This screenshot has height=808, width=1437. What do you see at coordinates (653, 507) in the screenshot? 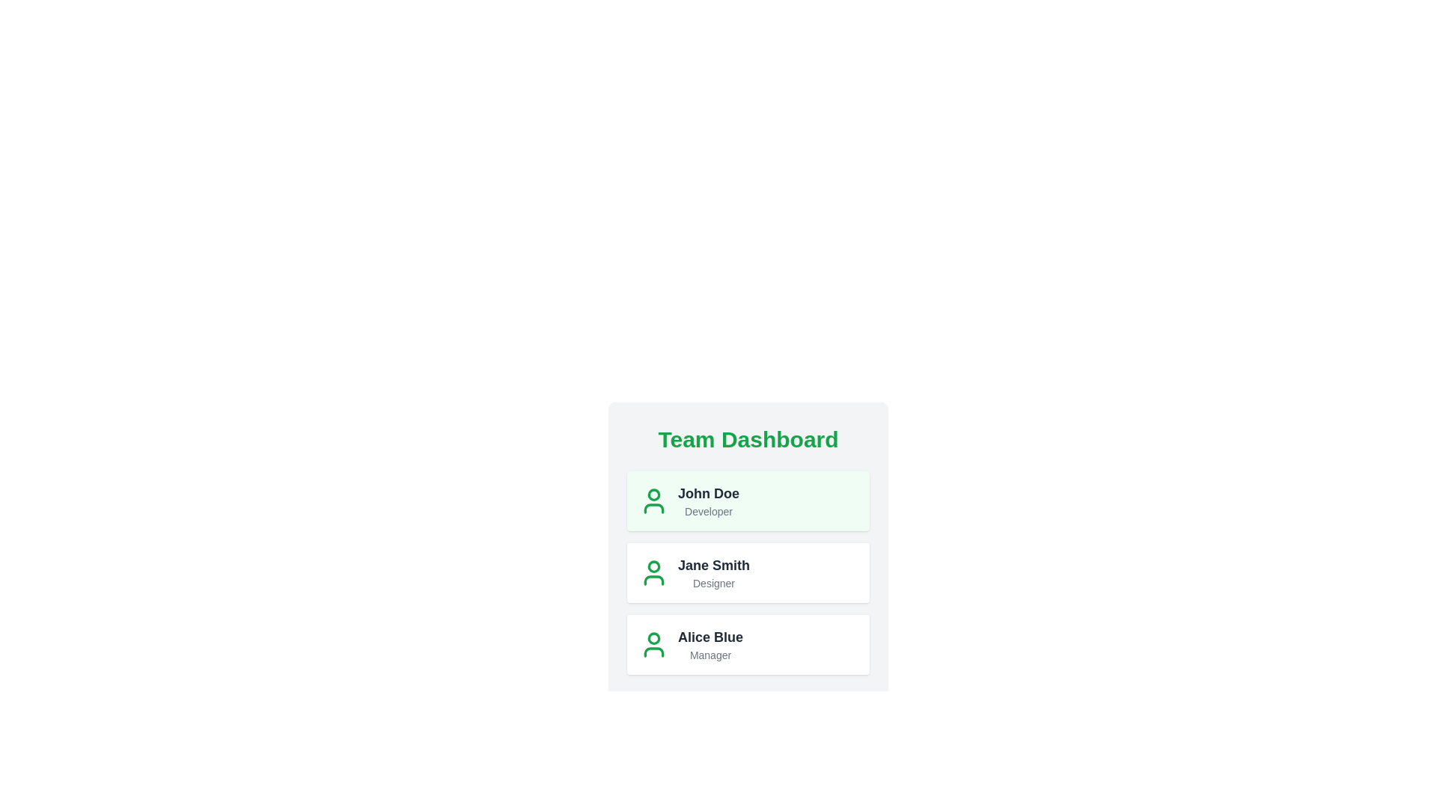
I see `the lower part of the user icon within the user profile card in the 'Team Dashboard' section, which is a vector graphic and purely aesthetic` at bounding box center [653, 507].